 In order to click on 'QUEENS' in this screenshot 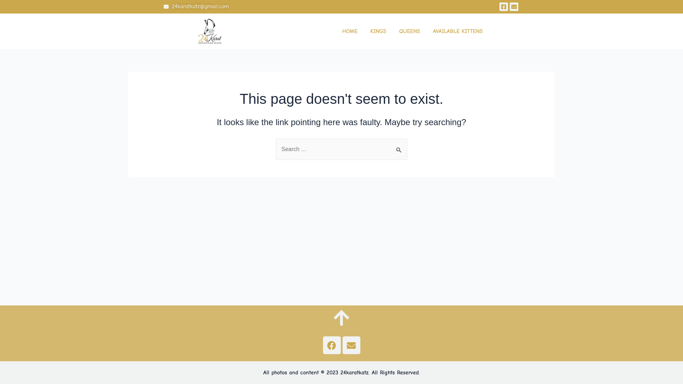, I will do `click(409, 31)`.